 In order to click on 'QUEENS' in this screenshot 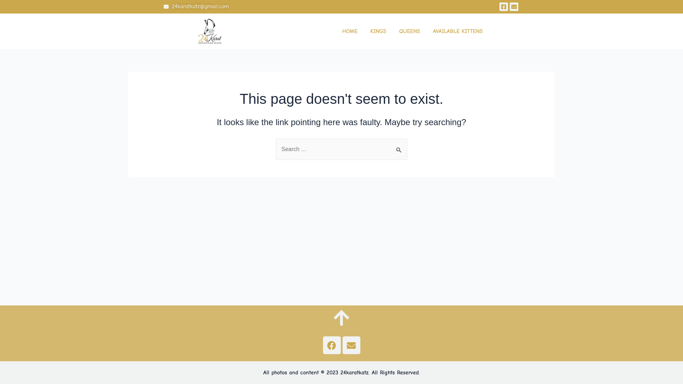, I will do `click(409, 31)`.